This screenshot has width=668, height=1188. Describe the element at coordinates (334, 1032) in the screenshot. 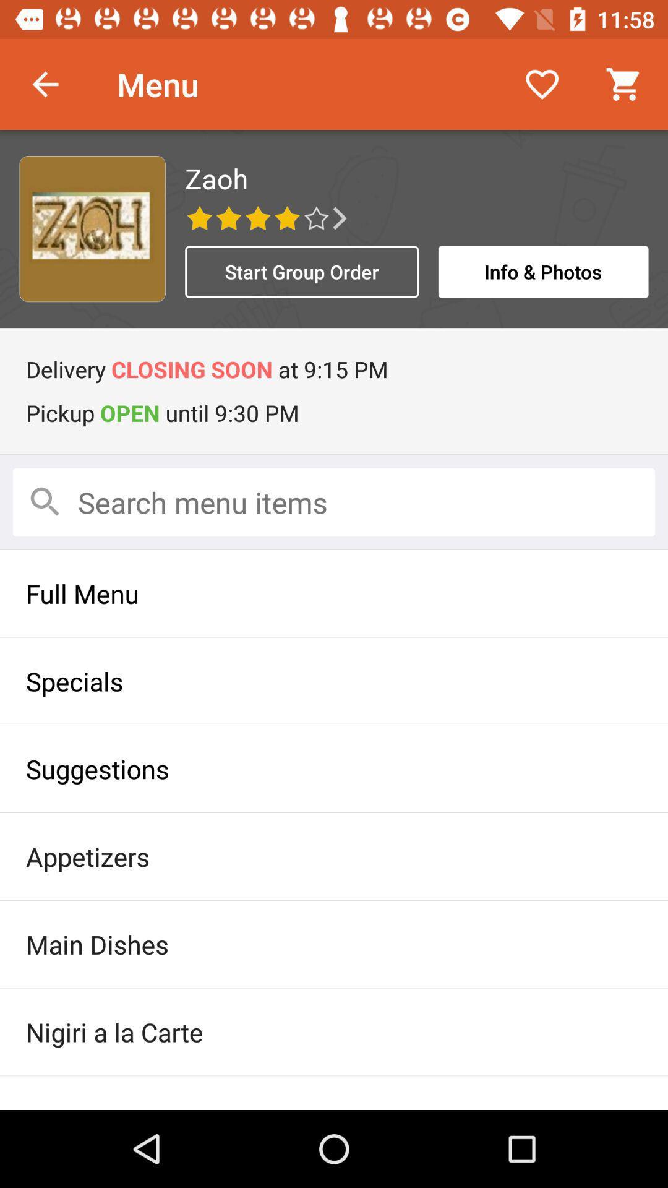

I see `the icon below main dishes` at that location.